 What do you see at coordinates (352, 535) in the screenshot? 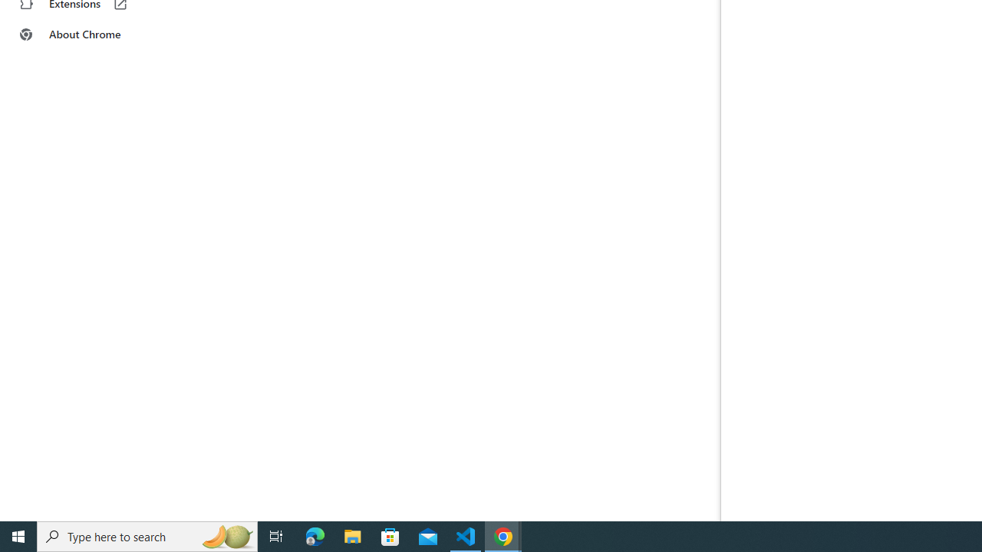
I see `'File Explorer'` at bounding box center [352, 535].